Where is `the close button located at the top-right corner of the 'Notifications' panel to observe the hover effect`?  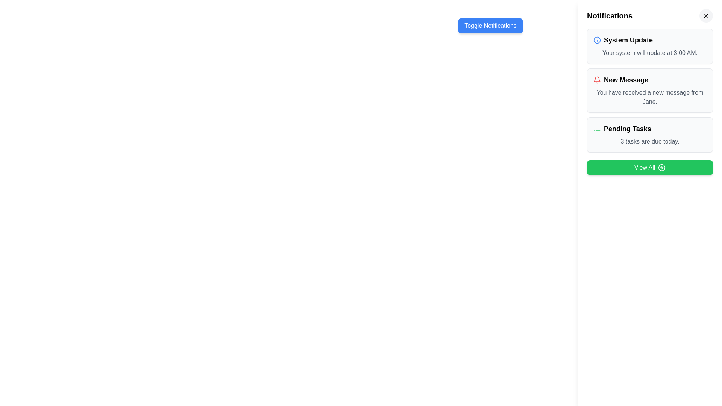 the close button located at the top-right corner of the 'Notifications' panel to observe the hover effect is located at coordinates (705, 16).